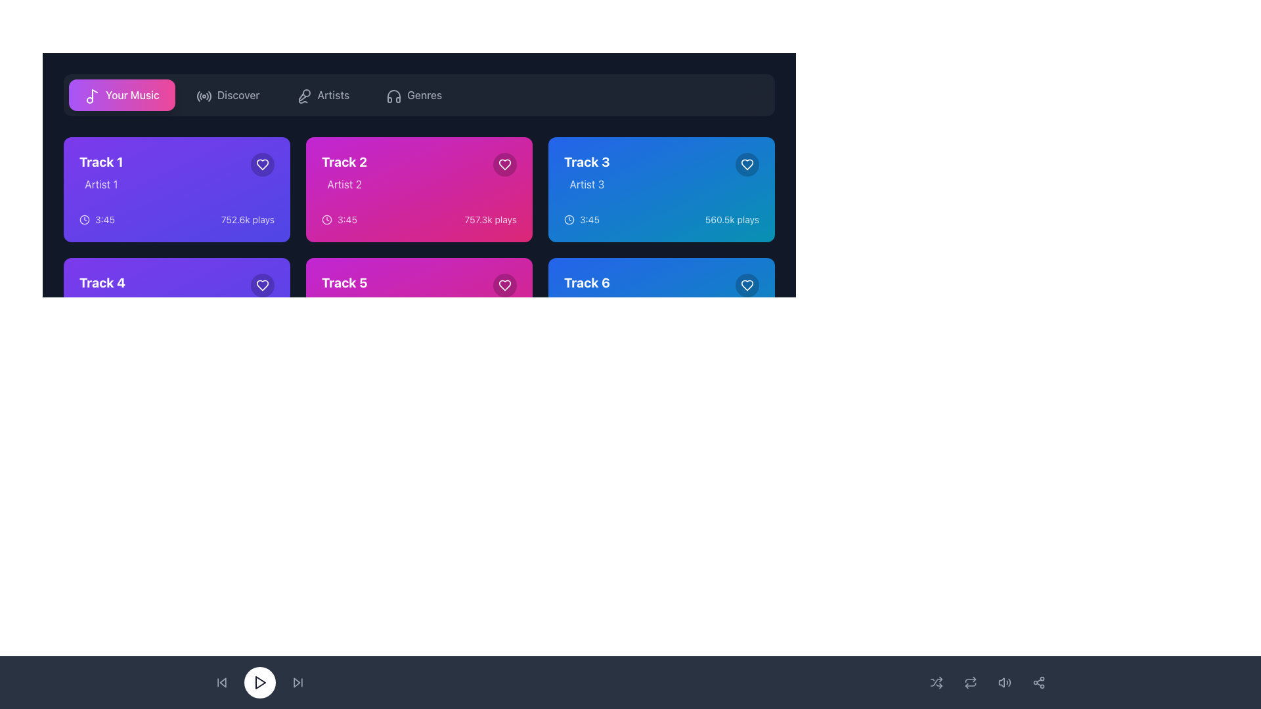 The height and width of the screenshot is (709, 1261). Describe the element at coordinates (344, 282) in the screenshot. I see `the bold text label 'Track 5' located in the top-left corner of the card with a magenta background` at that location.